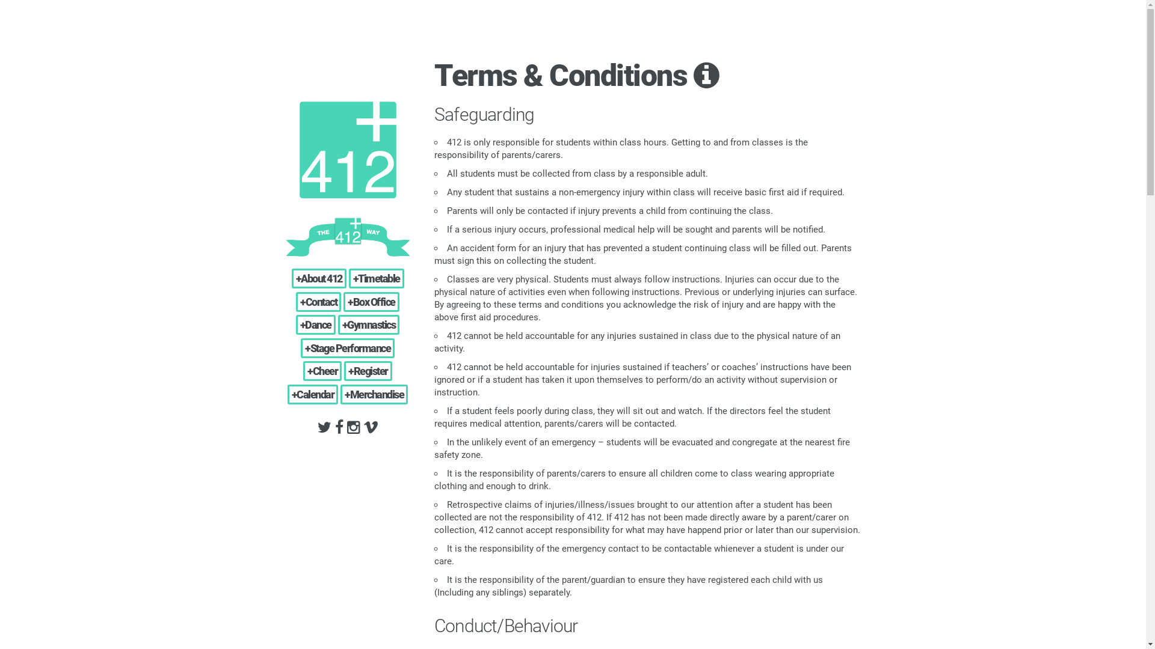 This screenshot has width=1155, height=649. What do you see at coordinates (346, 348) in the screenshot?
I see `'+Stage Performance'` at bounding box center [346, 348].